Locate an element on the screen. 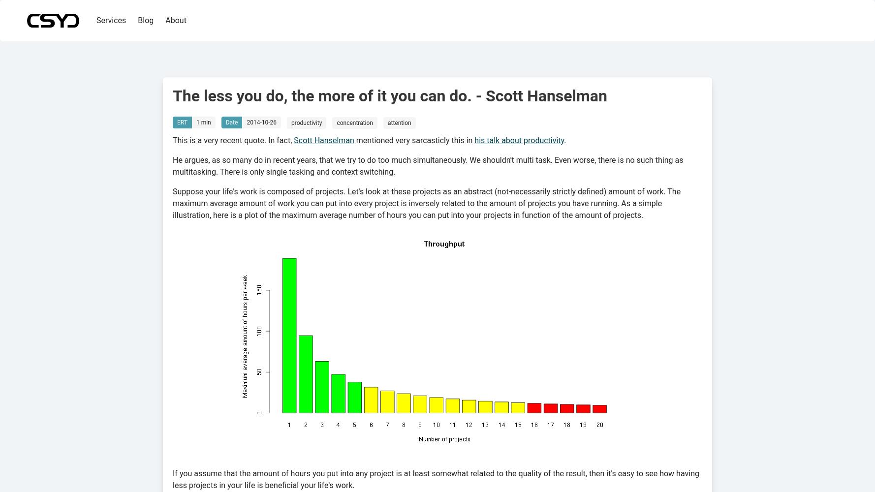  'Blog' is located at coordinates (138, 20).